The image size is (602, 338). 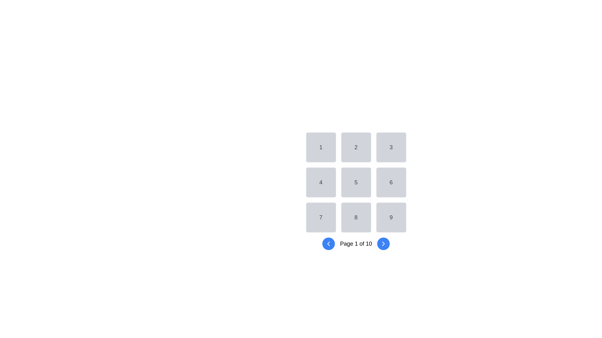 I want to click on the text display labeled 'Page 1 of 10', which is located in the lower-middle section of the interface and flanked by blue circular navigation buttons on either side, so click(x=356, y=243).